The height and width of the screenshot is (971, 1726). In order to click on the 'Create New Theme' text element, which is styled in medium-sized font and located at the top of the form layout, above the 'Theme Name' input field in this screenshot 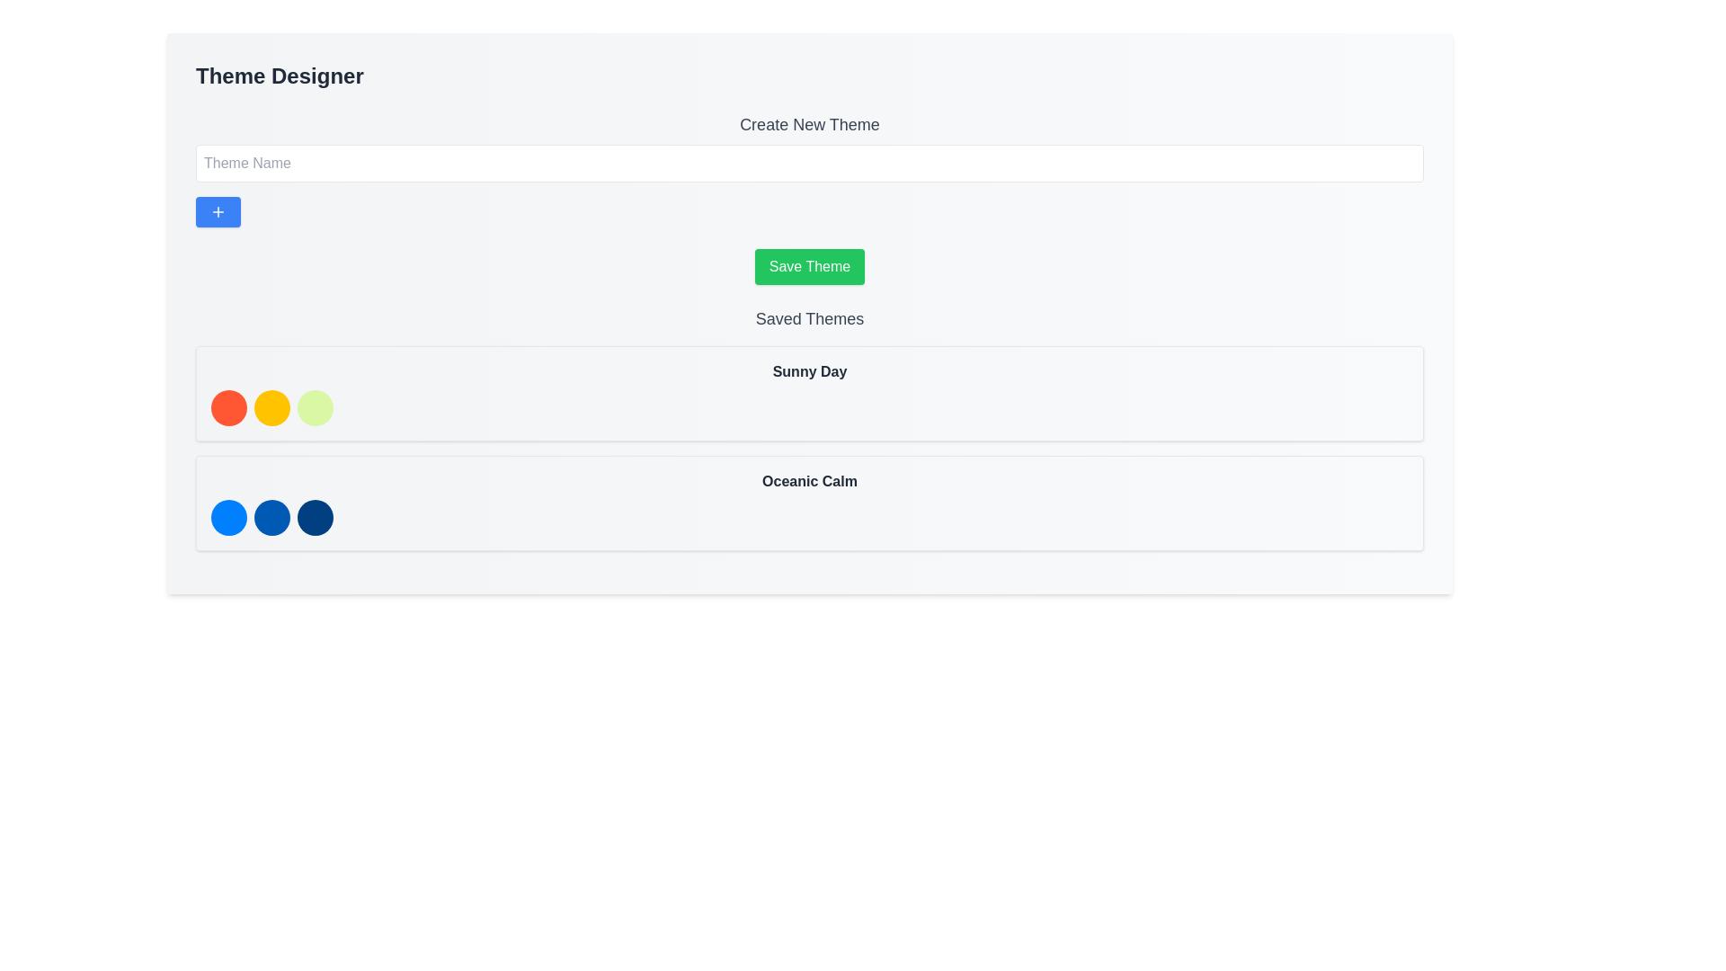, I will do `click(809, 123)`.